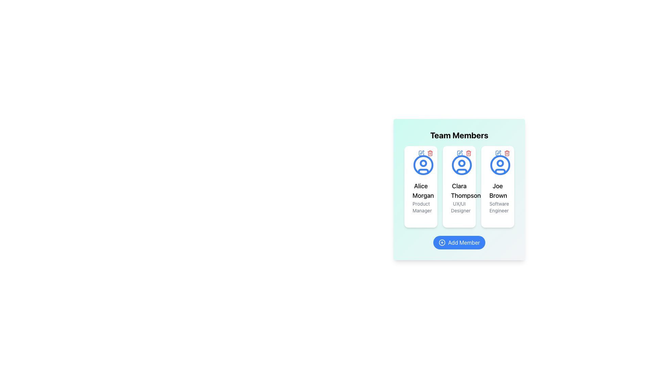 This screenshot has width=653, height=367. I want to click on the text label displaying 'Product Manager' located below the name 'Alice Morgan' in the user card component within the 'Team Members' section, so click(420, 207).